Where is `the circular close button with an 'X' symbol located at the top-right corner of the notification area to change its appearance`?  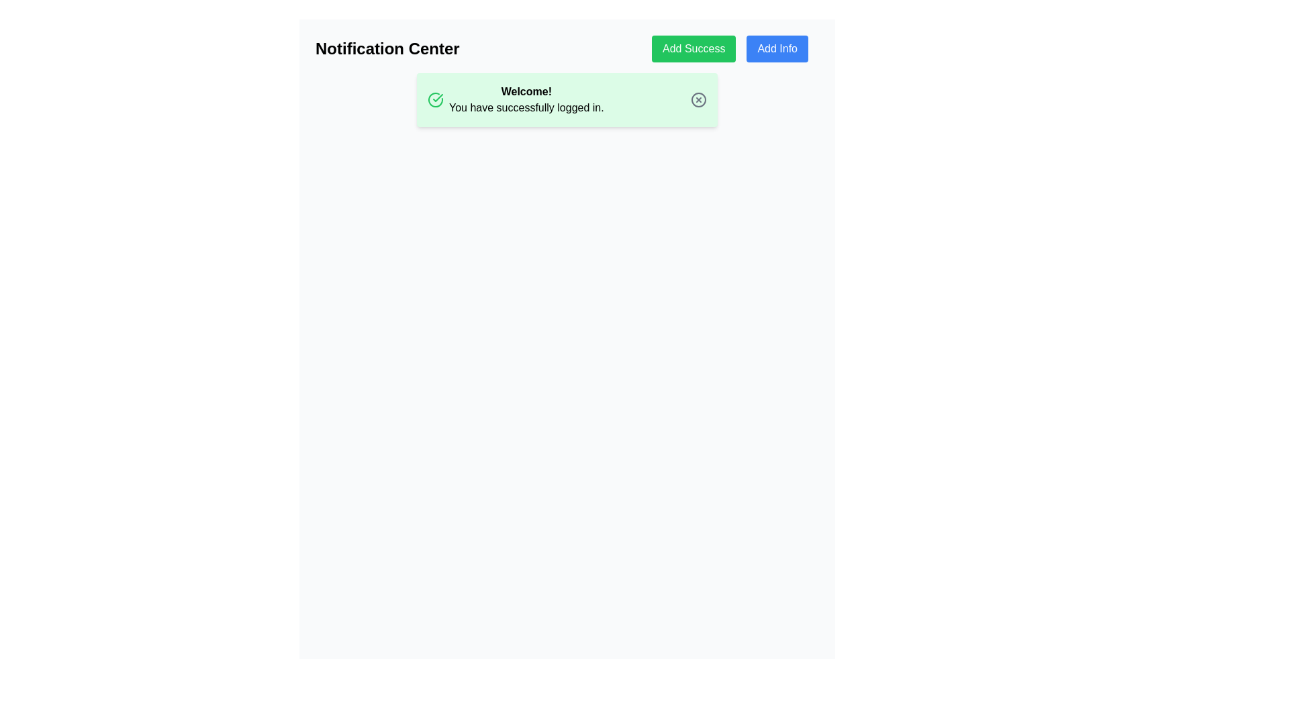
the circular close button with an 'X' symbol located at the top-right corner of the notification area to change its appearance is located at coordinates (698, 99).